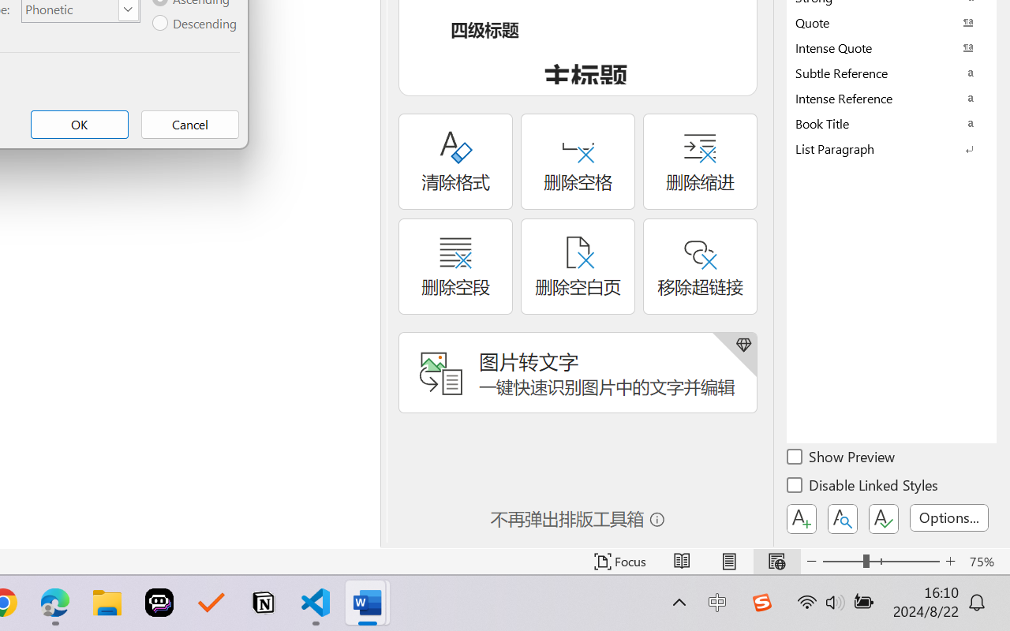 Image resolution: width=1010 pixels, height=631 pixels. What do you see at coordinates (880, 561) in the screenshot?
I see `'Zoom'` at bounding box center [880, 561].